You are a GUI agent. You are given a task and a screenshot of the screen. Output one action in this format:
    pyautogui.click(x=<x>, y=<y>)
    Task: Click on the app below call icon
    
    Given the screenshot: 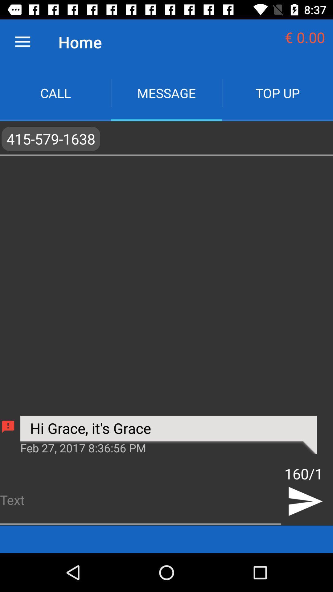 What is the action you would take?
    pyautogui.click(x=166, y=138)
    